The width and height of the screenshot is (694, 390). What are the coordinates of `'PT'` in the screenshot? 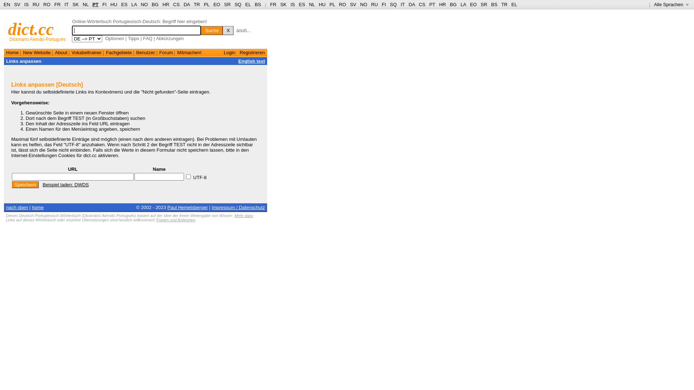 It's located at (432, 4).